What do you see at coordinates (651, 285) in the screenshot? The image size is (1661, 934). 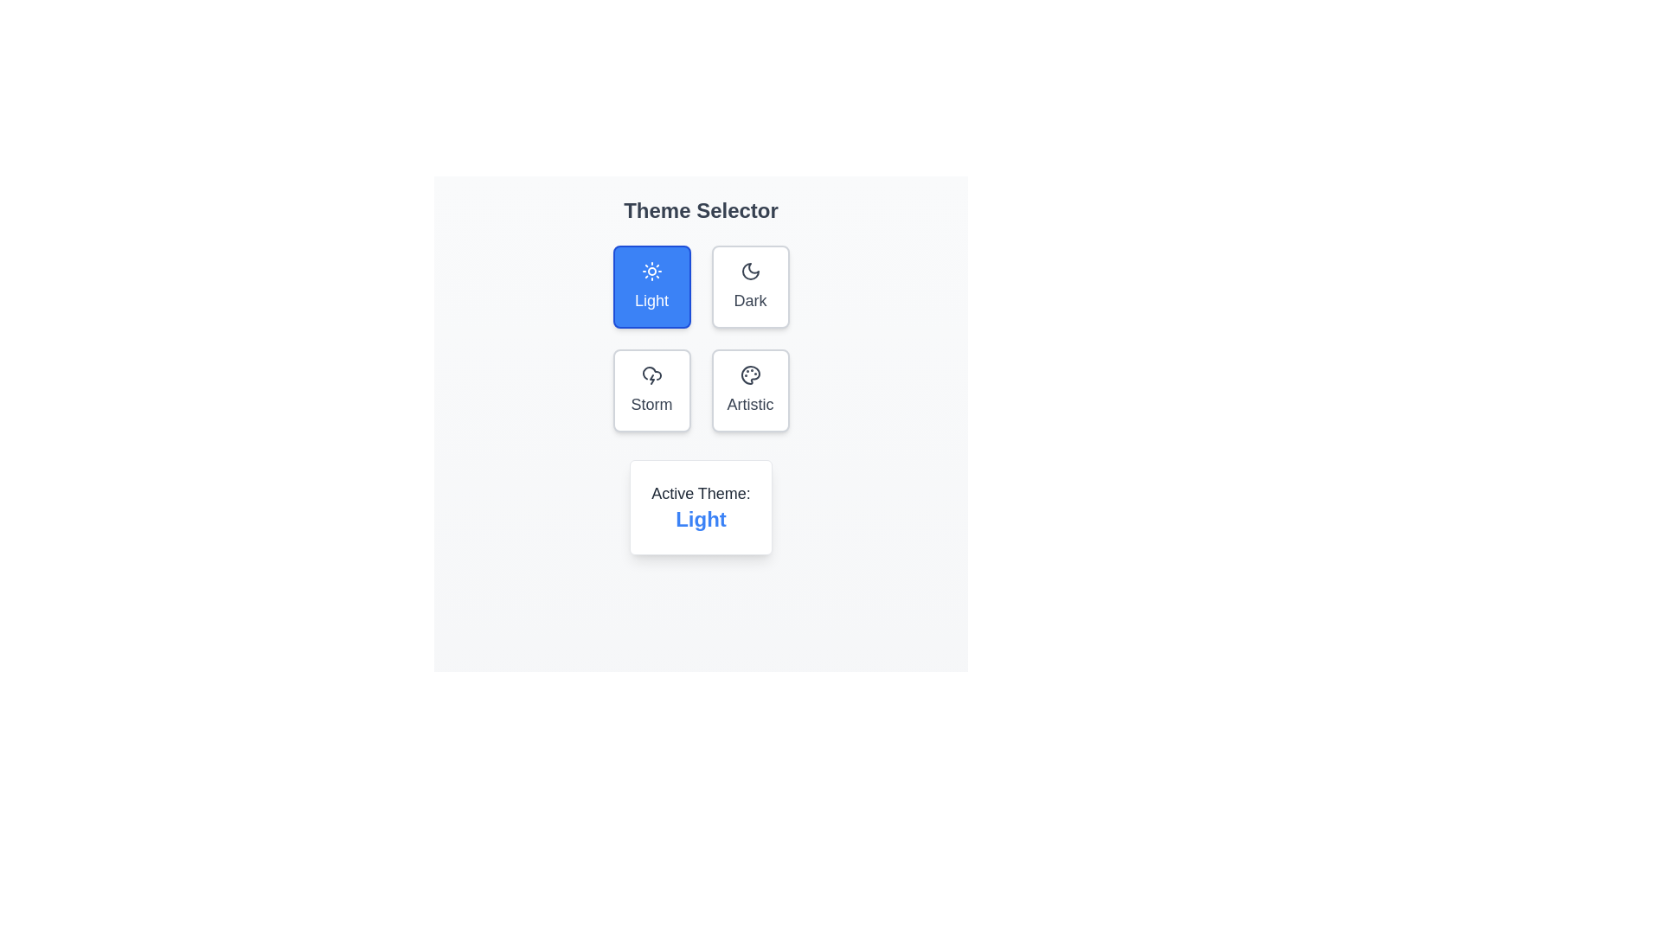 I see `the theme button labeled Light` at bounding box center [651, 285].